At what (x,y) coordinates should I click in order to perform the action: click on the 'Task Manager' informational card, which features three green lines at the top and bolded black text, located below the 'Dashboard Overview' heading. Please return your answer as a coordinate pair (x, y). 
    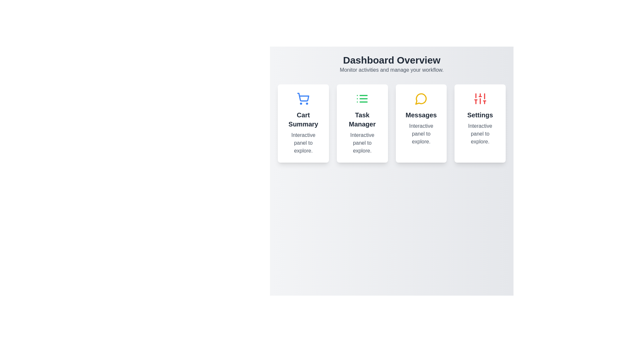
    Looking at the image, I should click on (362, 123).